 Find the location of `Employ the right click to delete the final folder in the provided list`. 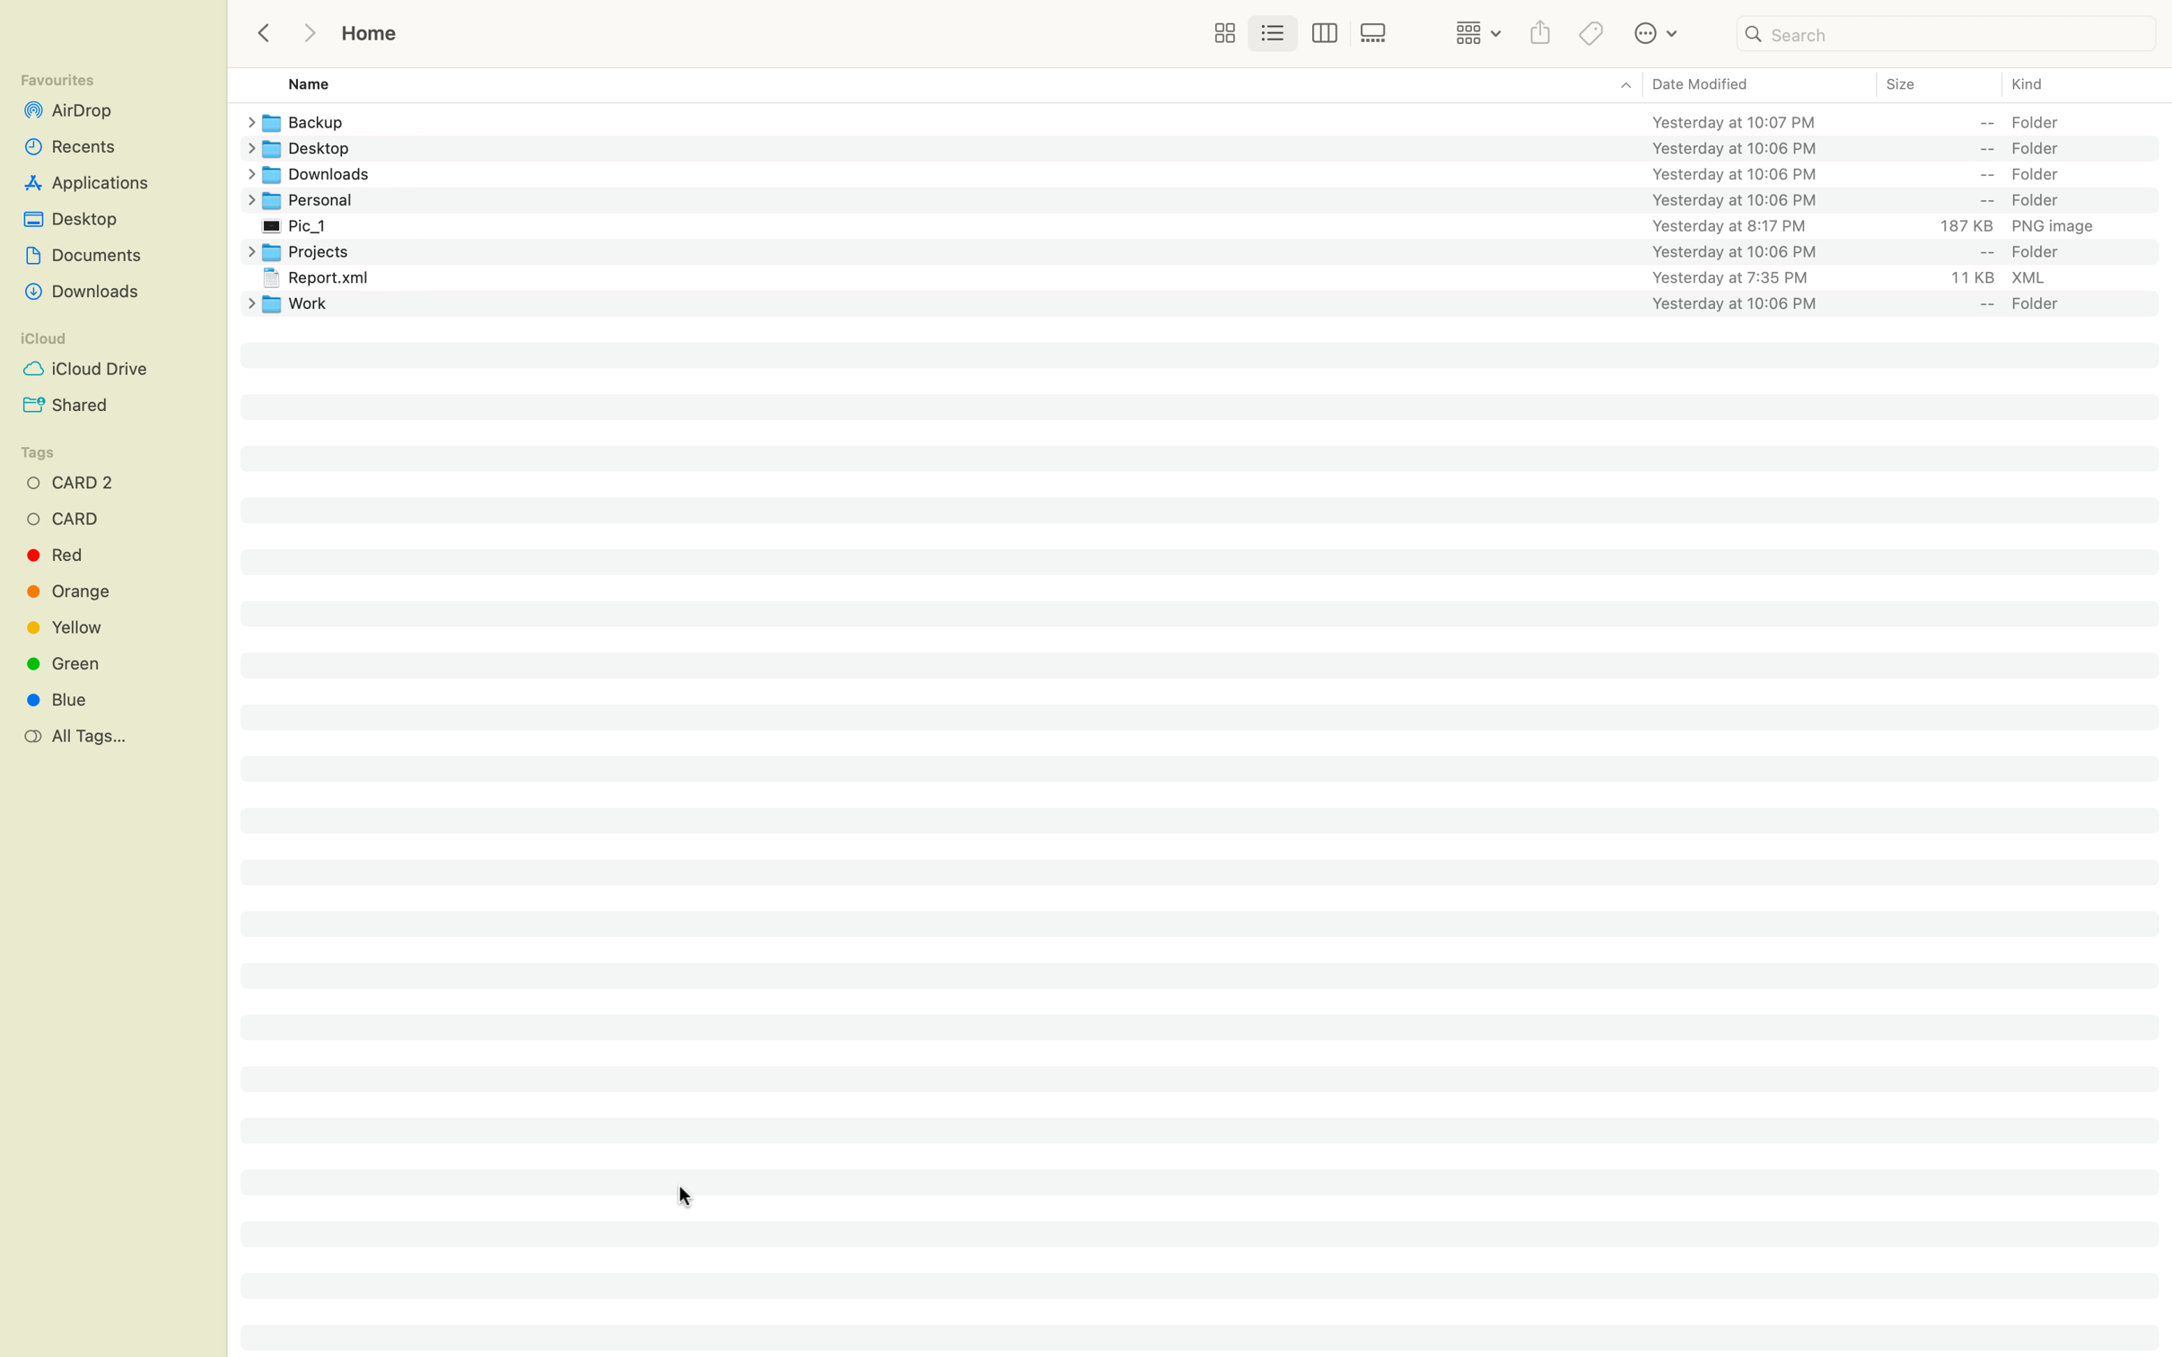

Employ the right click to delete the final folder in the provided list is located at coordinates (1214, 302).